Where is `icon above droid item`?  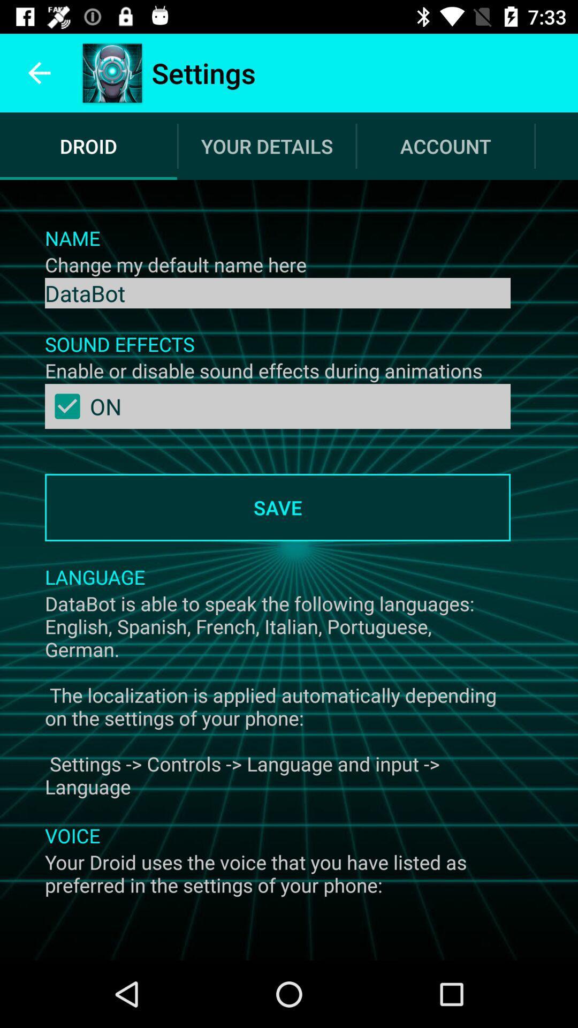 icon above droid item is located at coordinates (39, 72).